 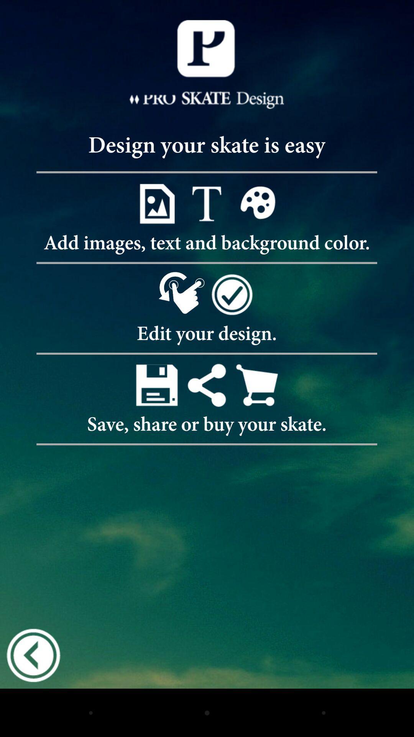 What do you see at coordinates (206, 385) in the screenshot?
I see `share skate` at bounding box center [206, 385].